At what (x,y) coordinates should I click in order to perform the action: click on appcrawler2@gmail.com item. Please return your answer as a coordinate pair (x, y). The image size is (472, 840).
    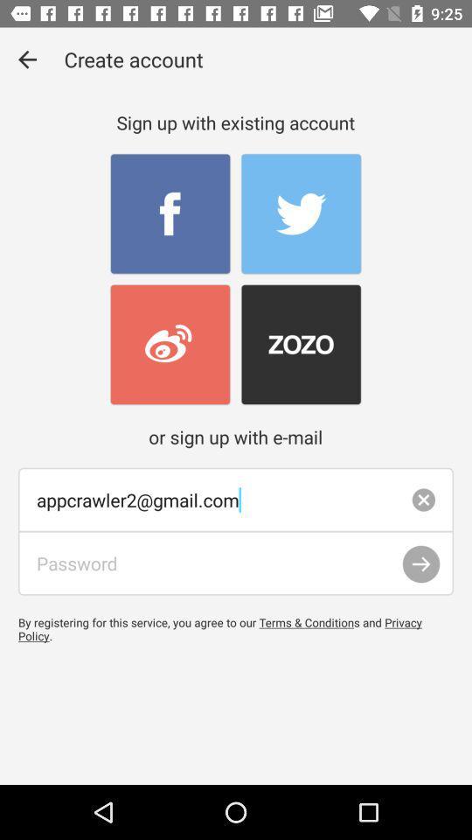
    Looking at the image, I should click on (236, 500).